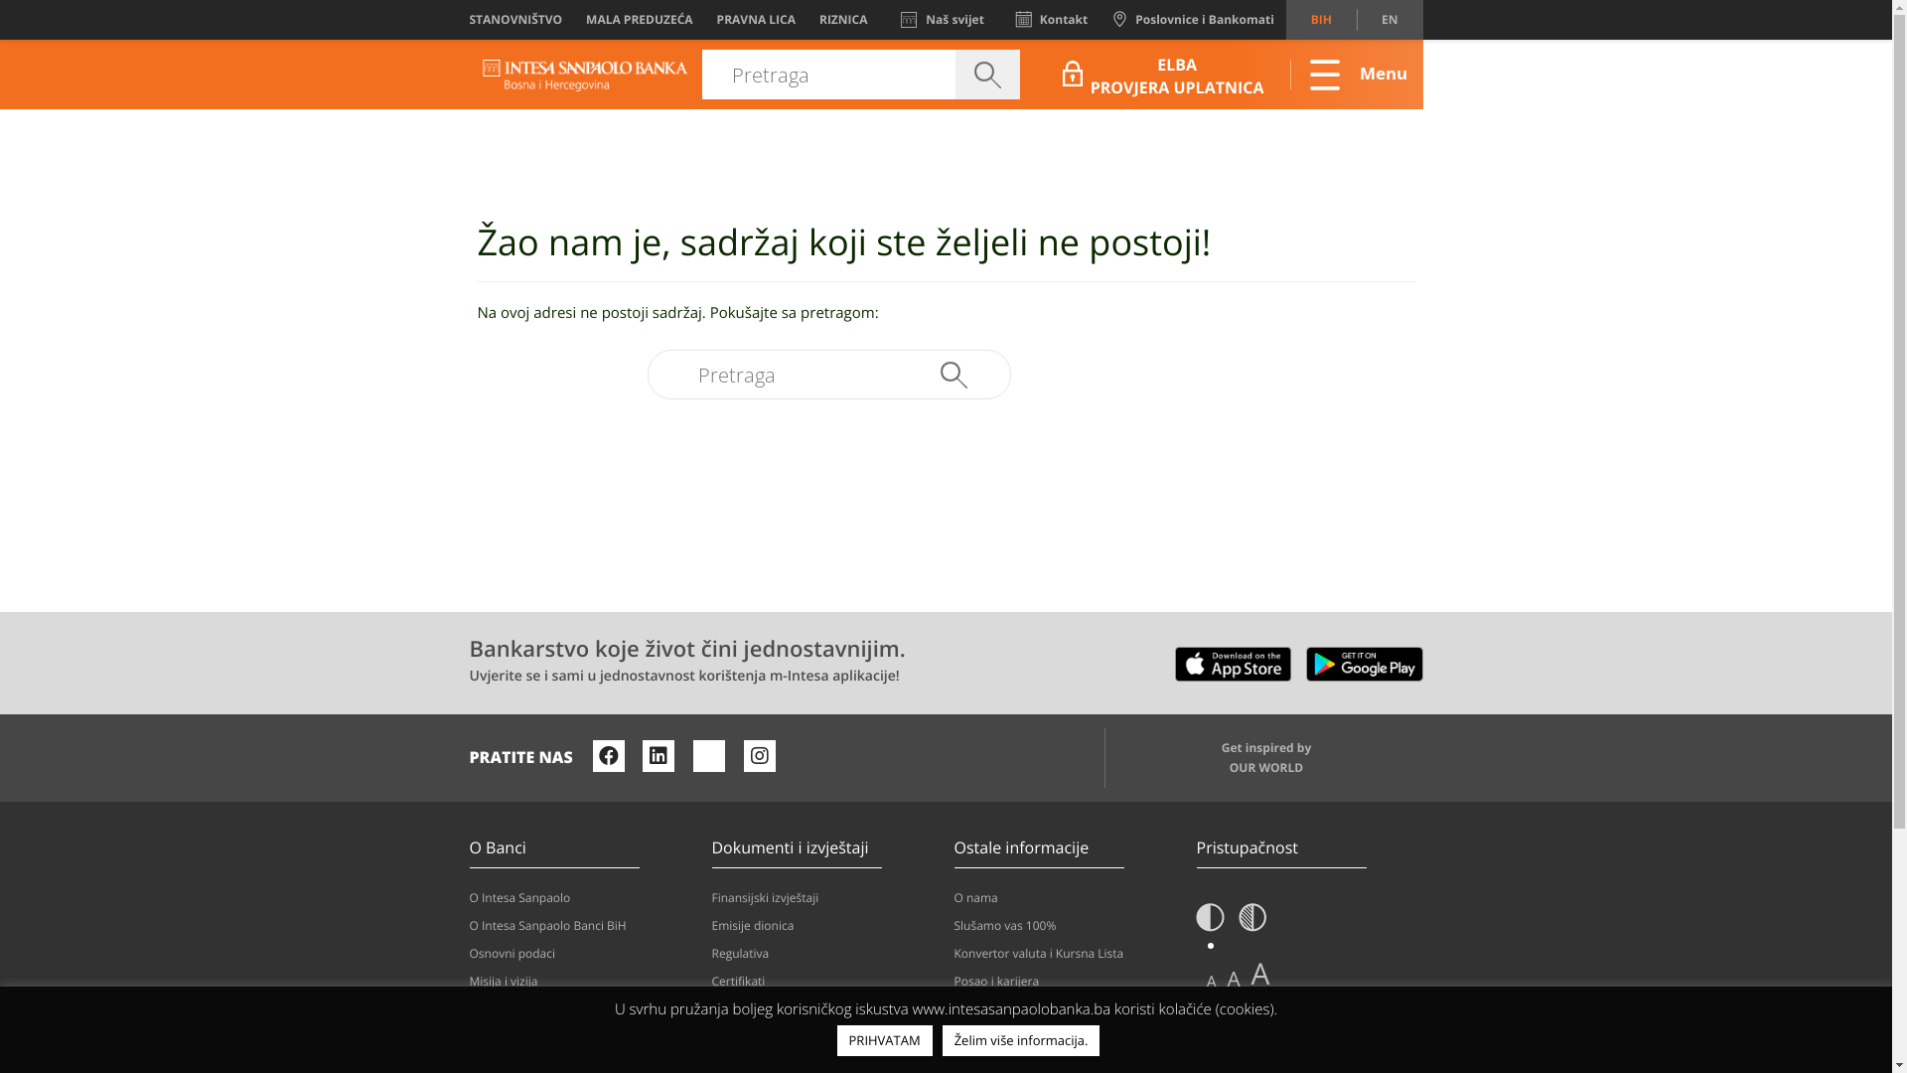  What do you see at coordinates (1262, 758) in the screenshot?
I see `'Get inspired by` at bounding box center [1262, 758].